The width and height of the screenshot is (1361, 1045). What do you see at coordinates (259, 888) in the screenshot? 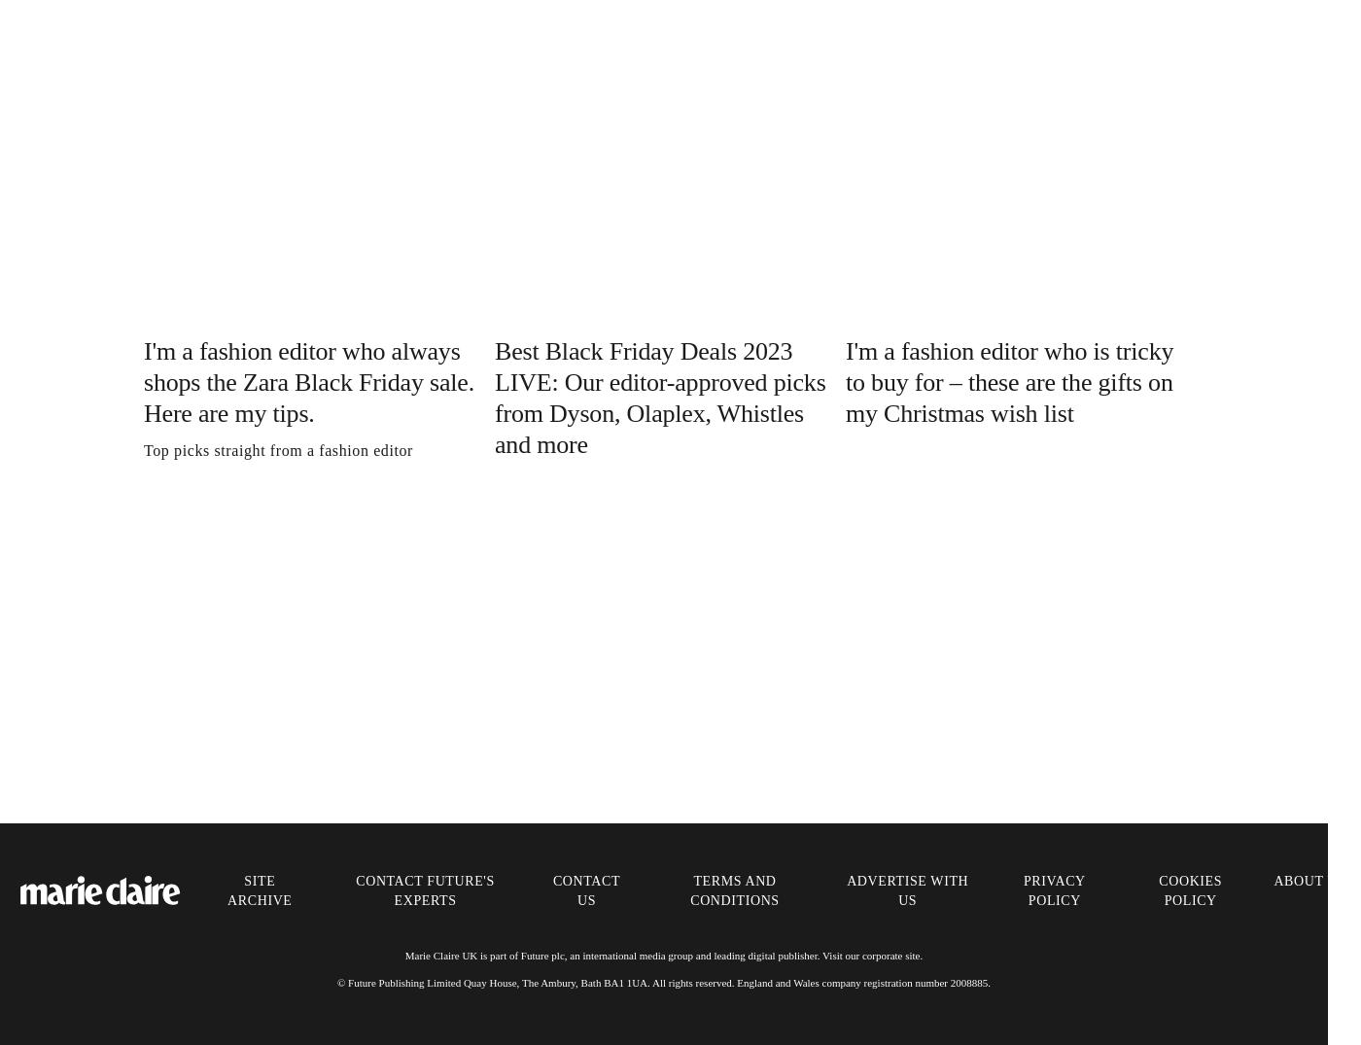
I see `'Site Archive'` at bounding box center [259, 888].